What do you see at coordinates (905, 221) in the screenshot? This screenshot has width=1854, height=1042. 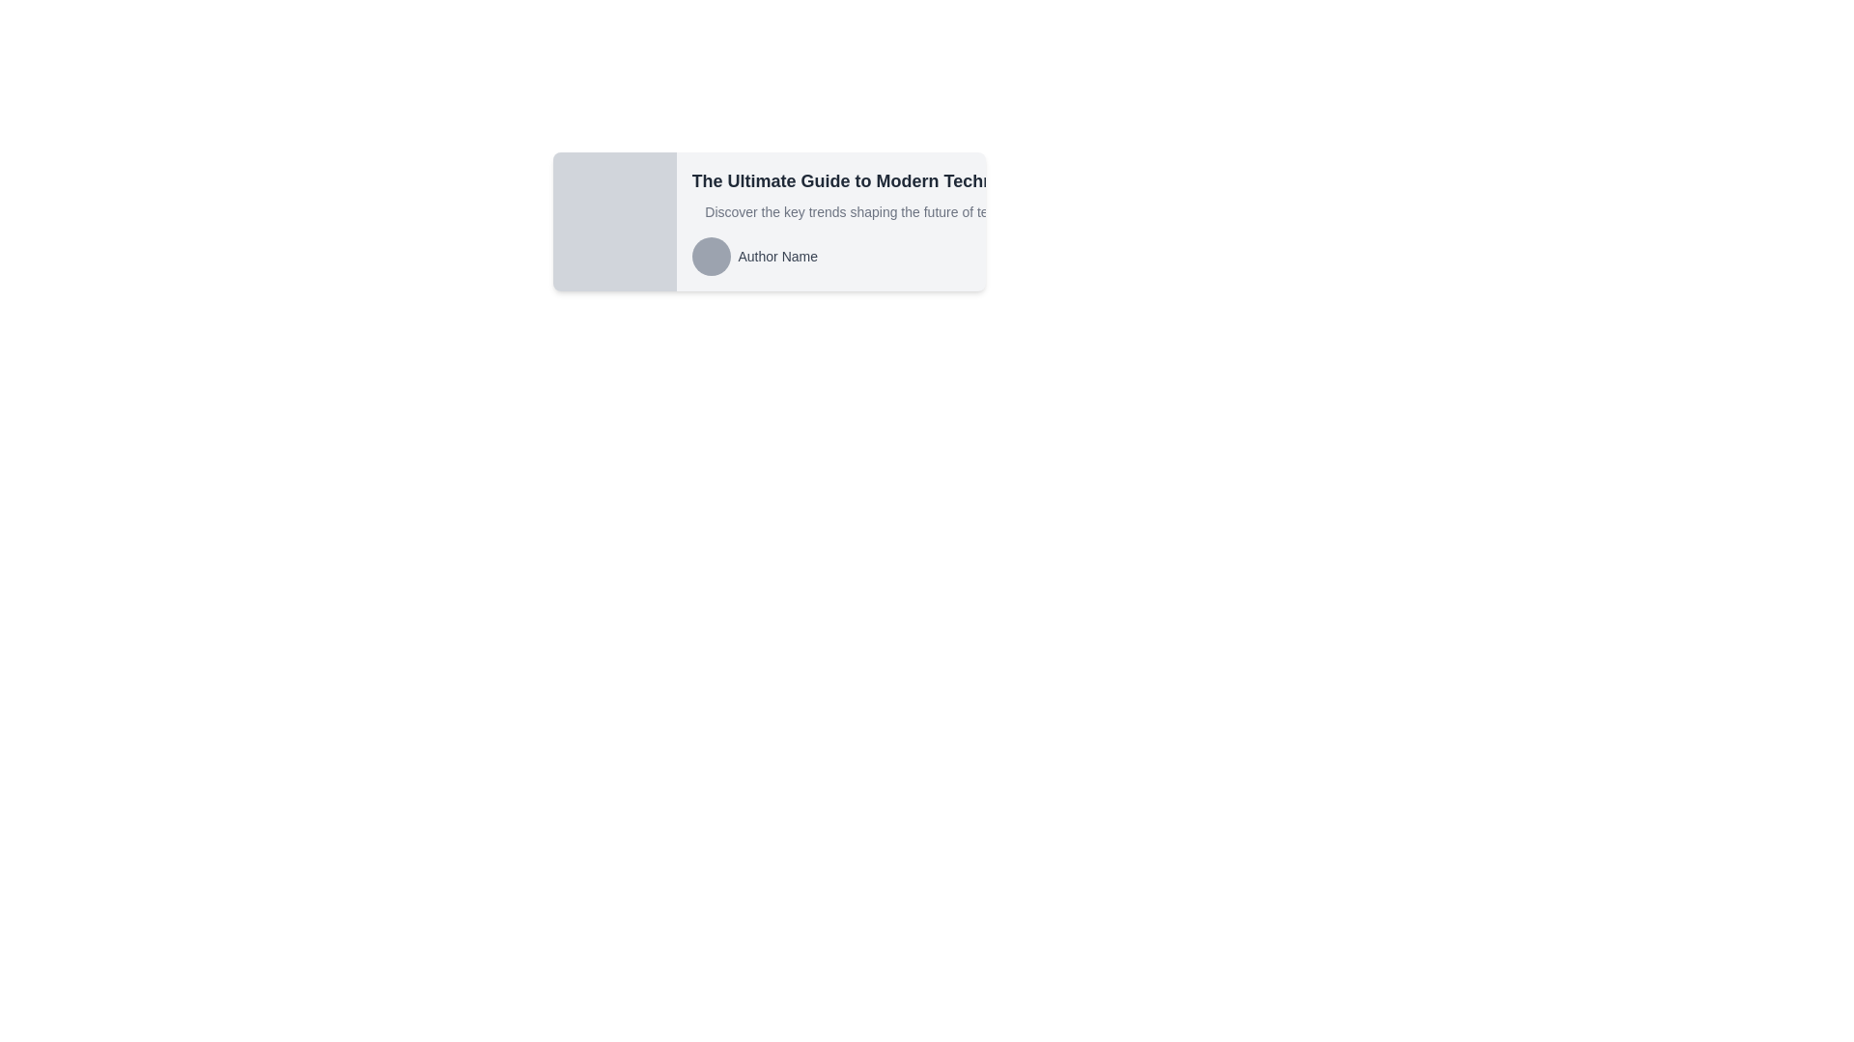 I see `the Content block element containing the title 'The Ultimate Guide to Modern Technology'` at bounding box center [905, 221].